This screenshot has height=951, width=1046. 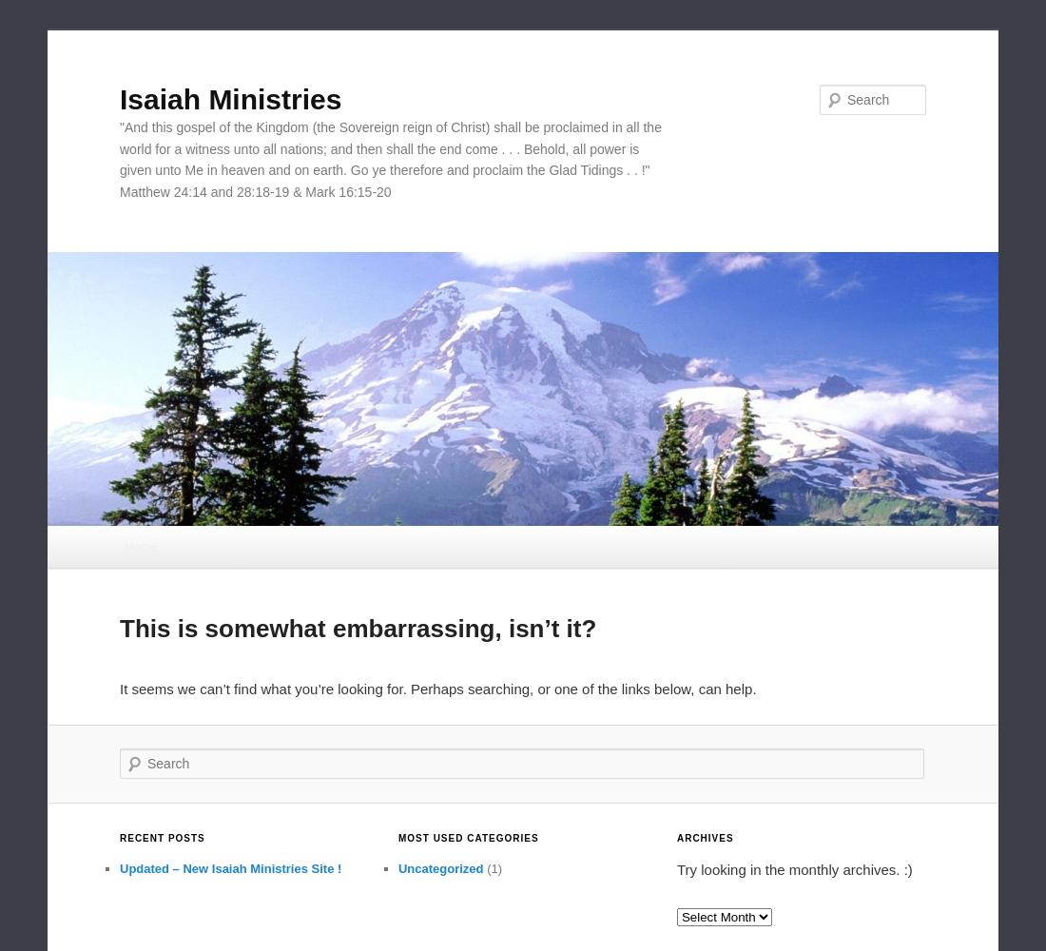 I want to click on 'Isaiah Ministries', so click(x=230, y=97).